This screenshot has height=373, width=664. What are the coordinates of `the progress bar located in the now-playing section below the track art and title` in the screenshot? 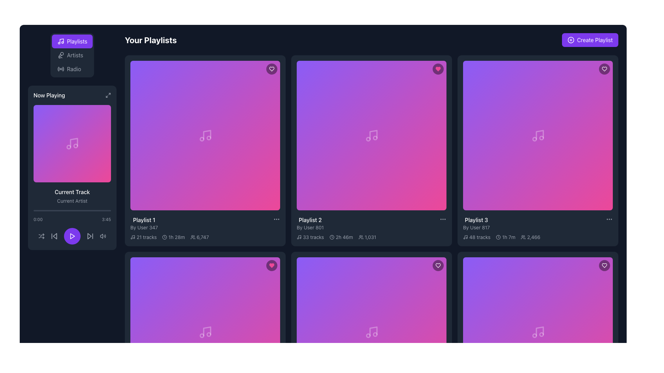 It's located at (72, 210).